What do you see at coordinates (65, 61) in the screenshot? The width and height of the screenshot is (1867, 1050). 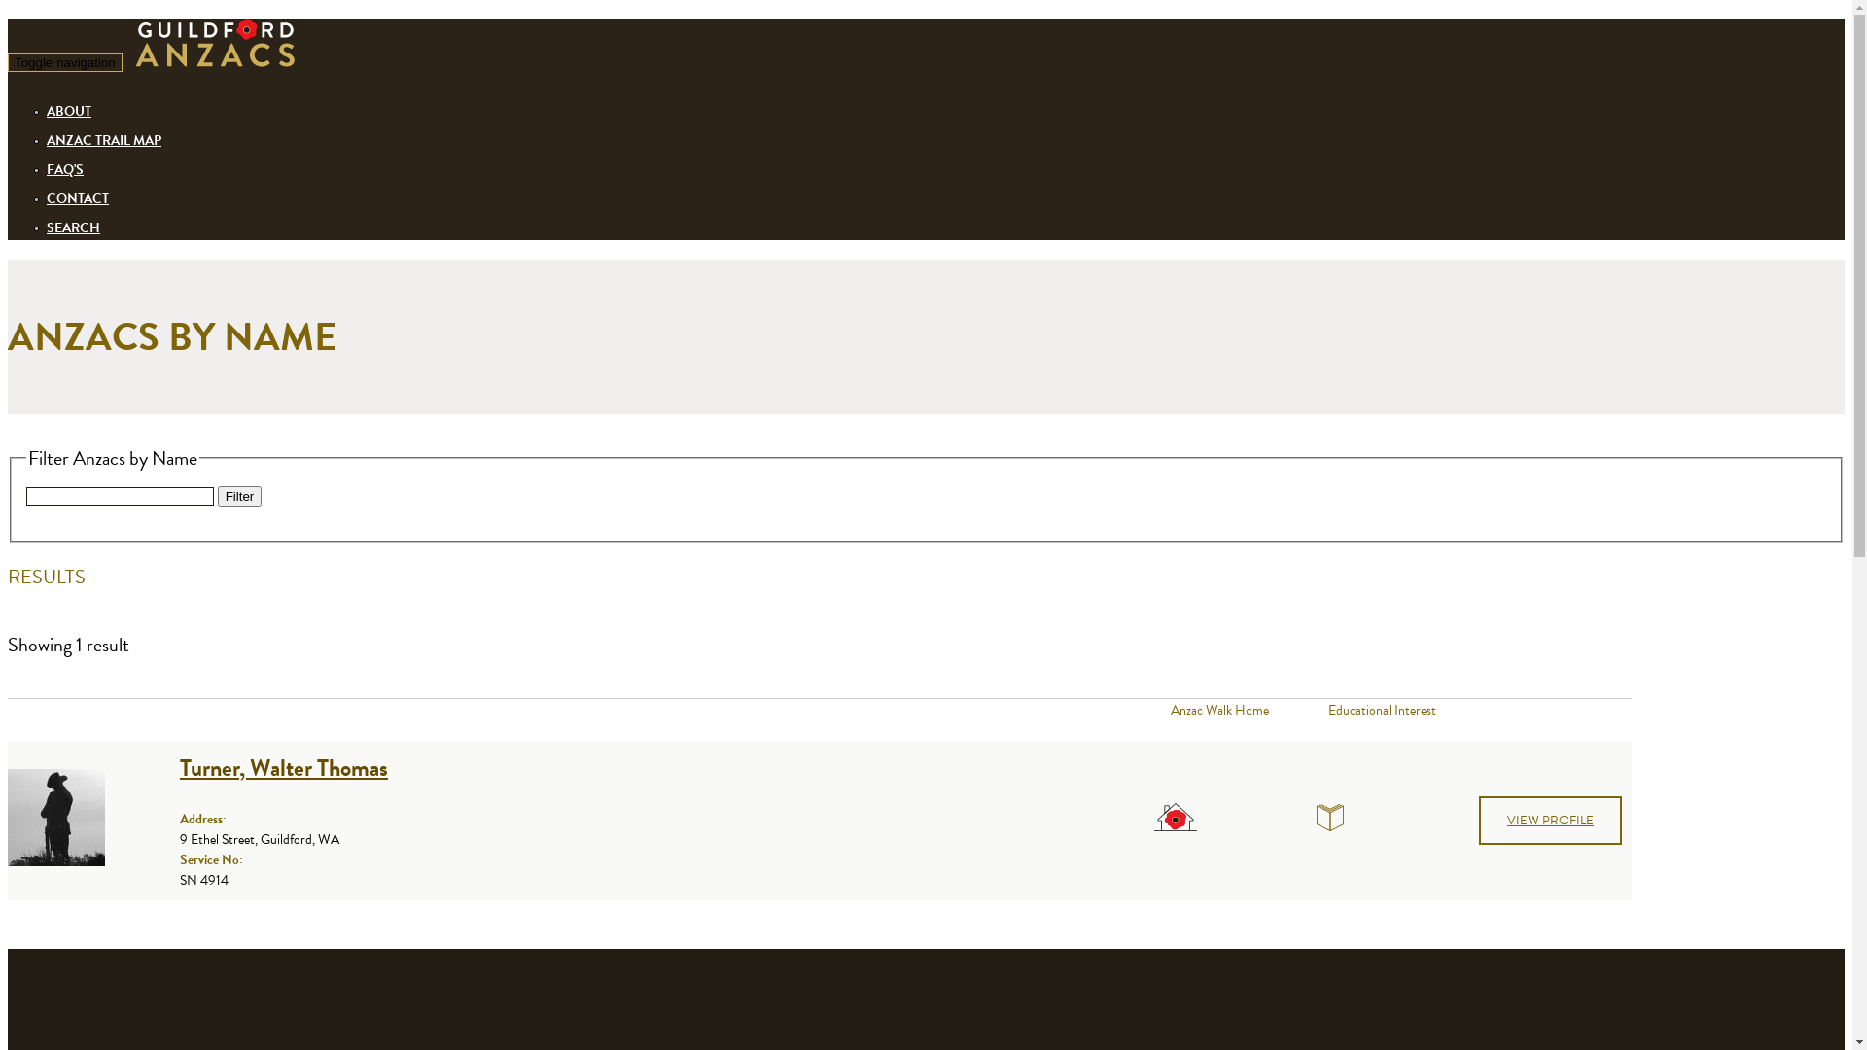 I see `'Toggle navigation'` at bounding box center [65, 61].